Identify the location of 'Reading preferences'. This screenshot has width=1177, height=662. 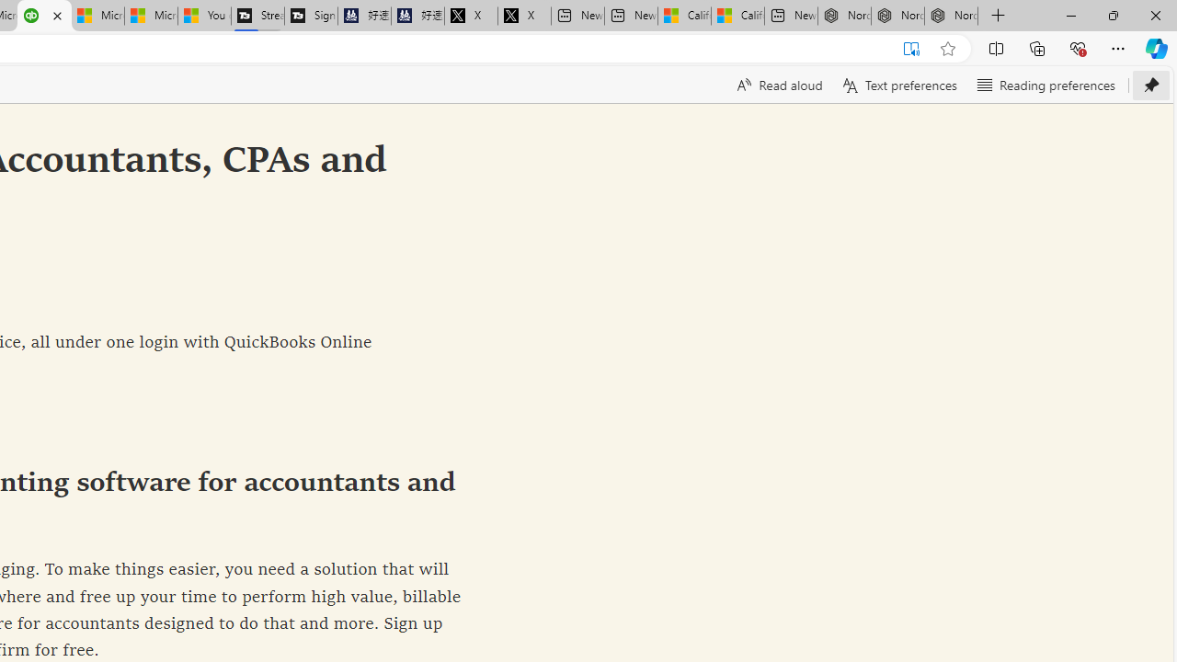
(1046, 85).